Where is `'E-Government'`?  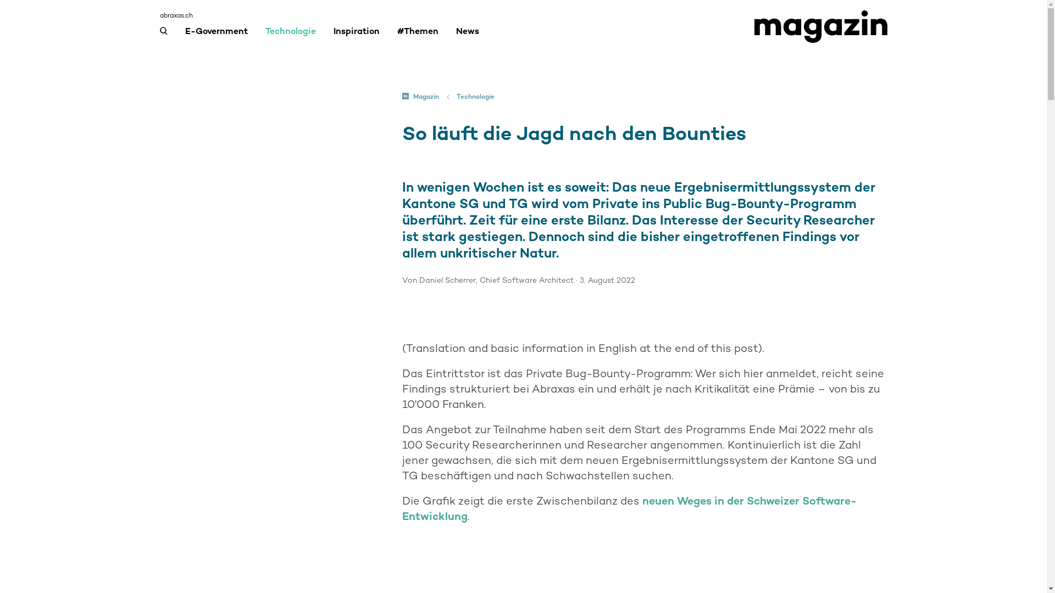
'E-Government' is located at coordinates (216, 35).